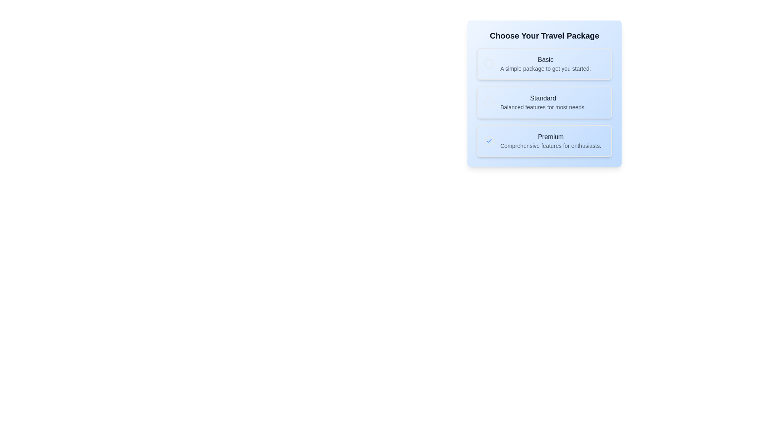  I want to click on the heading text that indicates the purpose of the surrounding section for selecting a travel package option, positioned at the top of a panel above the options 'Basic', 'Standard', and 'Premium', so click(545, 35).